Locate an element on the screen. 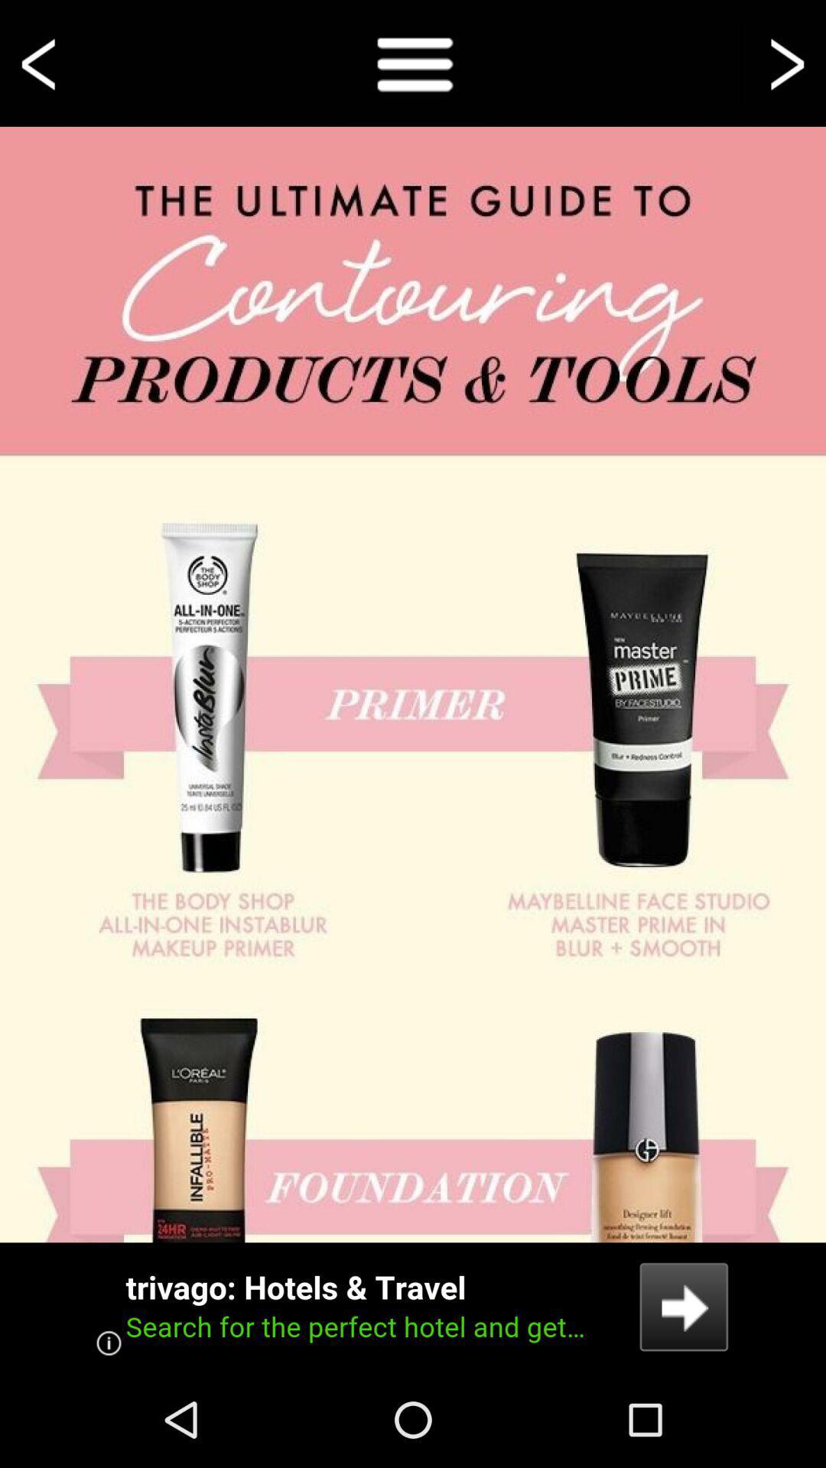 The height and width of the screenshot is (1468, 826). go forward is located at coordinates (785, 62).